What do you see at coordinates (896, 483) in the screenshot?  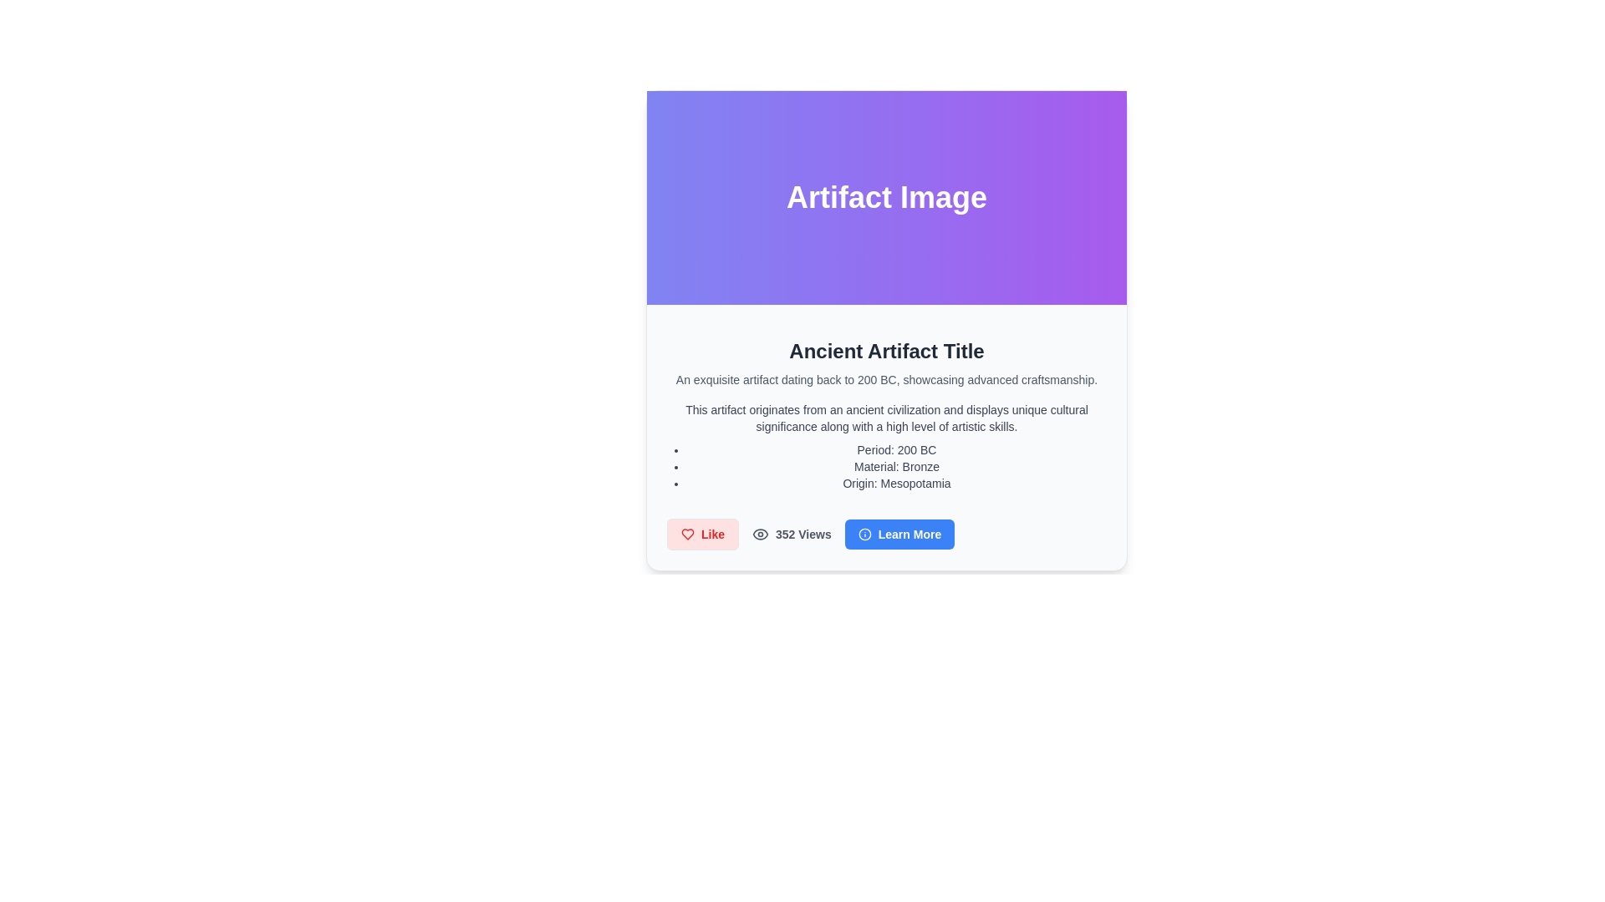 I see `the third item in the list that provides geographical origin information about the artifact, positioned under 'Material: Bronze'` at bounding box center [896, 483].